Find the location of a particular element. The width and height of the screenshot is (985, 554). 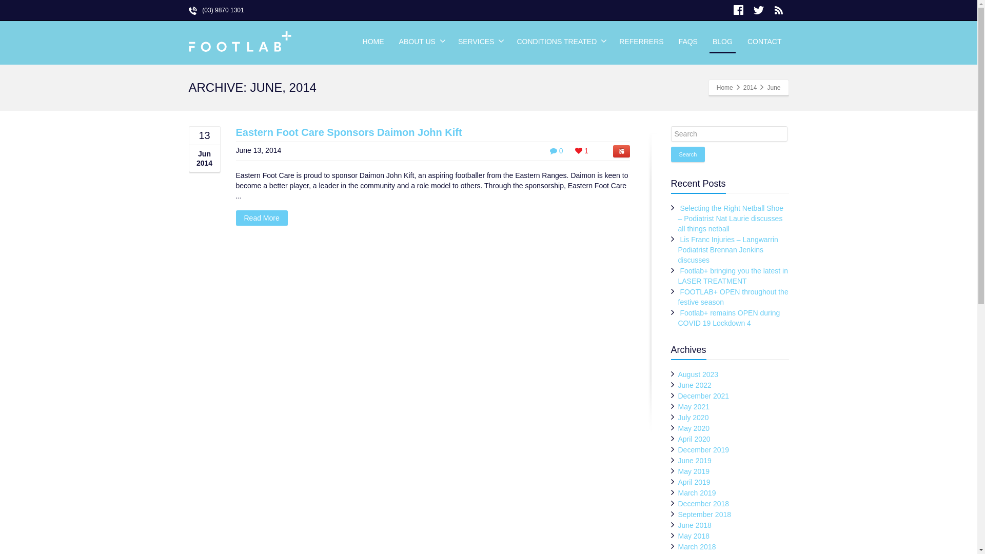

'June 2022' is located at coordinates (695, 385).